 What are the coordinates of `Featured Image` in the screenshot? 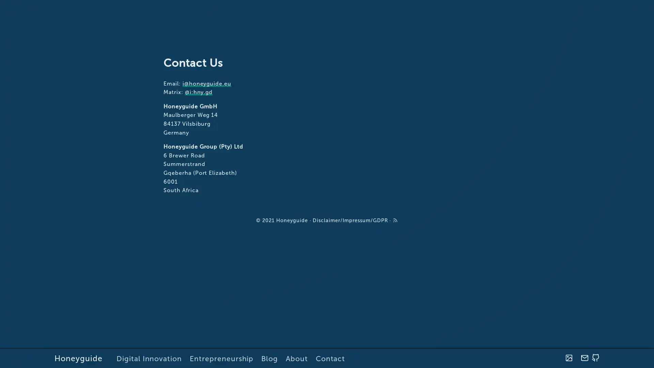 It's located at (569, 358).